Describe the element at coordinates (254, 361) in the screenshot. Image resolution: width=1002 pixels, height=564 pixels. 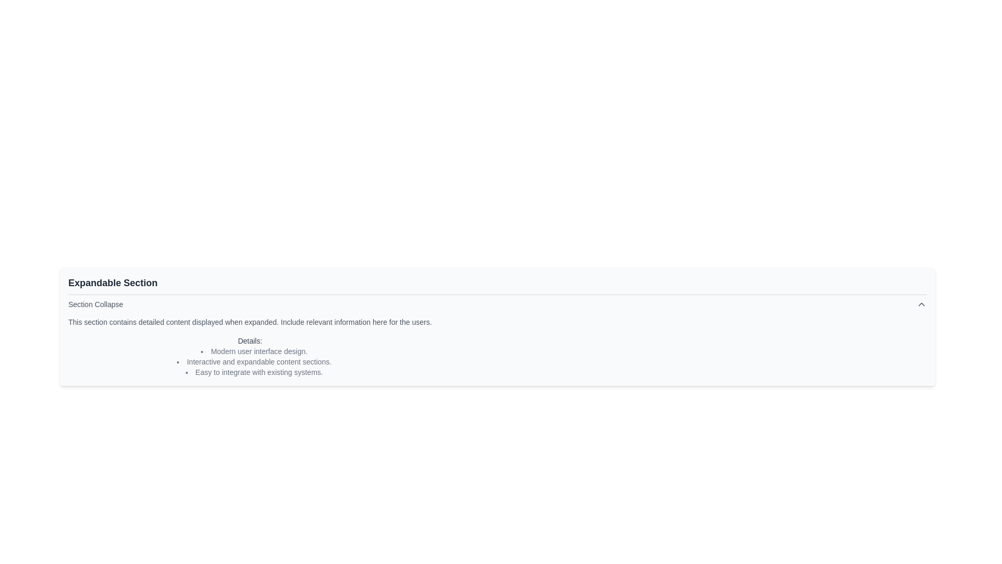
I see `the text element reading 'Interactive and expandable content sections.' which is the second item in a vertically stacked bulleted list within the 'Details' section` at that location.